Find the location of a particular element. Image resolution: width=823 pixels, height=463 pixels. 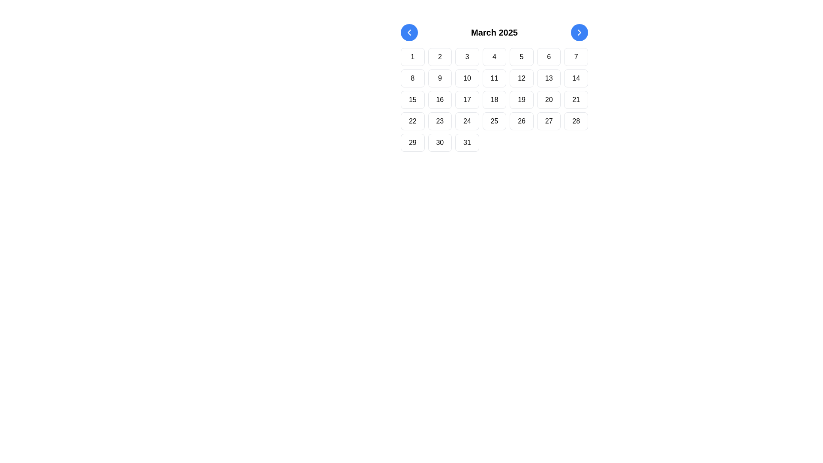

the Text Button representing the 20th day of the month in the calendar layout is located at coordinates (549, 99).